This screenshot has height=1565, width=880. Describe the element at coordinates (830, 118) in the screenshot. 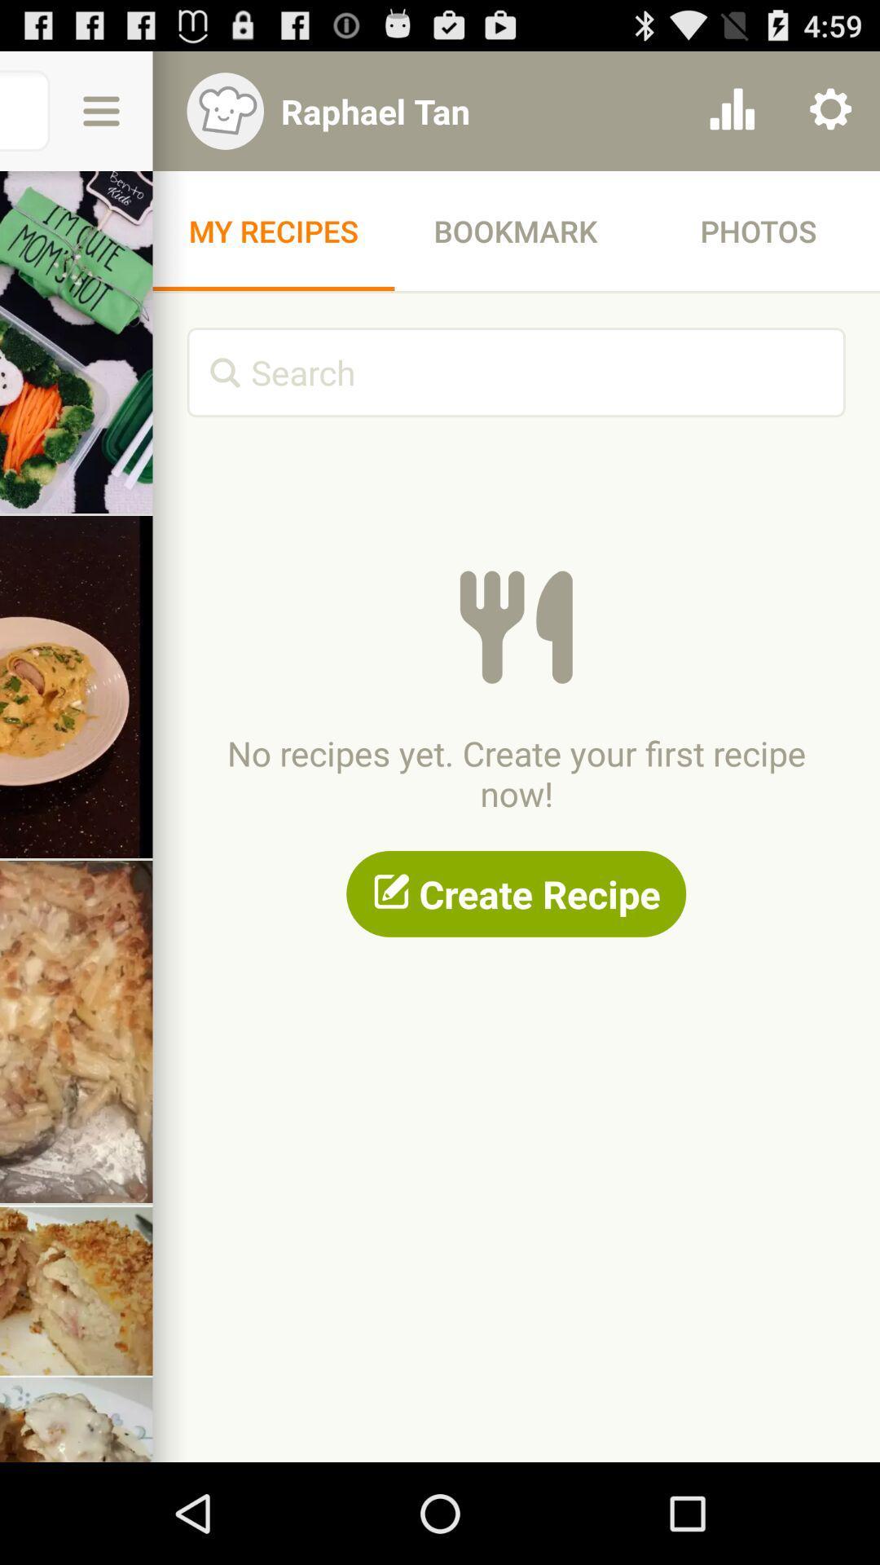

I see `the settings icon` at that location.